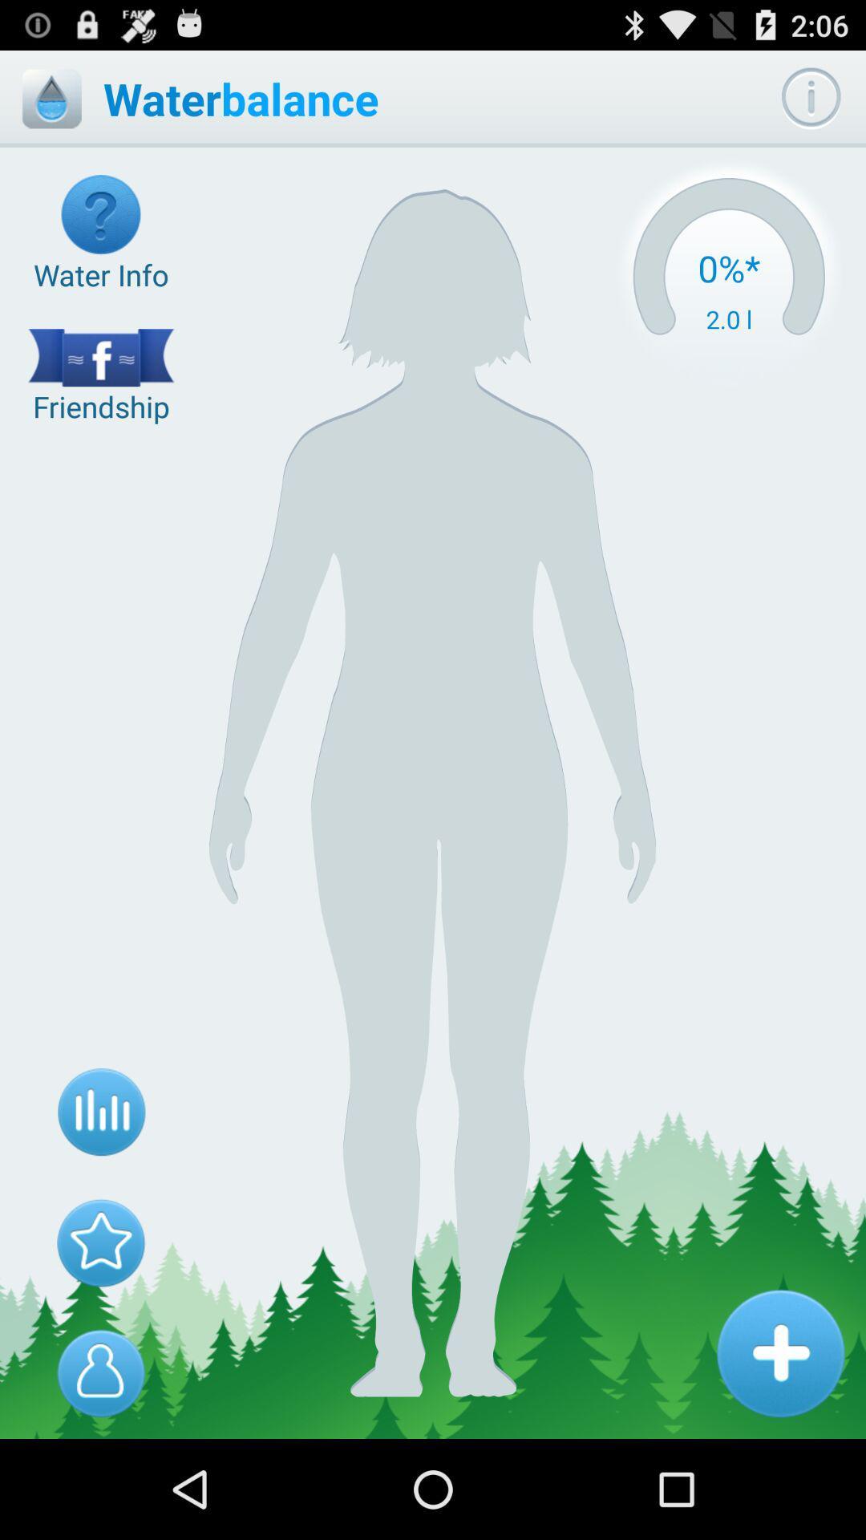 Image resolution: width=866 pixels, height=1540 pixels. Describe the element at coordinates (51, 98) in the screenshot. I see `icon to the left of the waterbalance item` at that location.